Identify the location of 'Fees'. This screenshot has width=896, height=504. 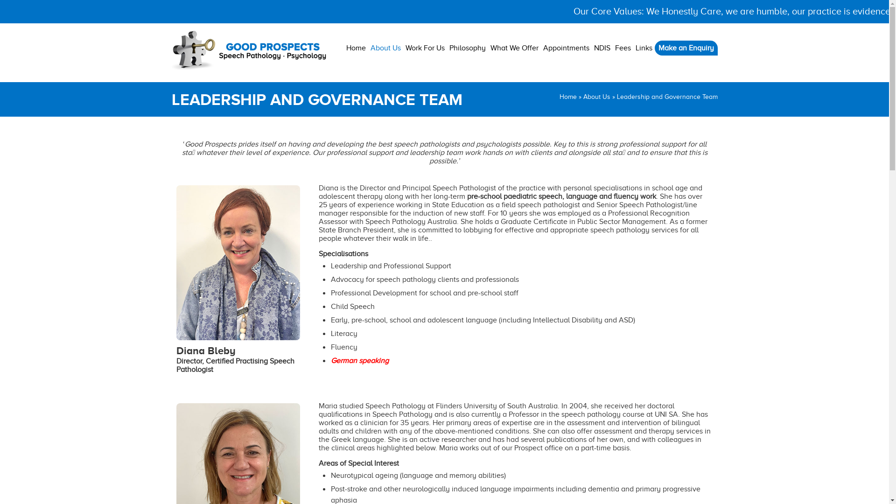
(623, 48).